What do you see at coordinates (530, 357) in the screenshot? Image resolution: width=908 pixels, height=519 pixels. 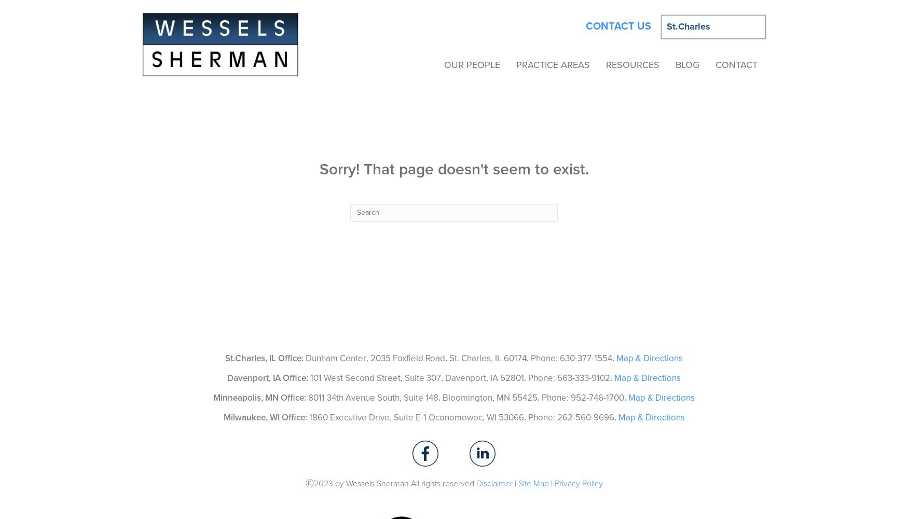 I see `'Phone: 630-377-1554'` at bounding box center [530, 357].